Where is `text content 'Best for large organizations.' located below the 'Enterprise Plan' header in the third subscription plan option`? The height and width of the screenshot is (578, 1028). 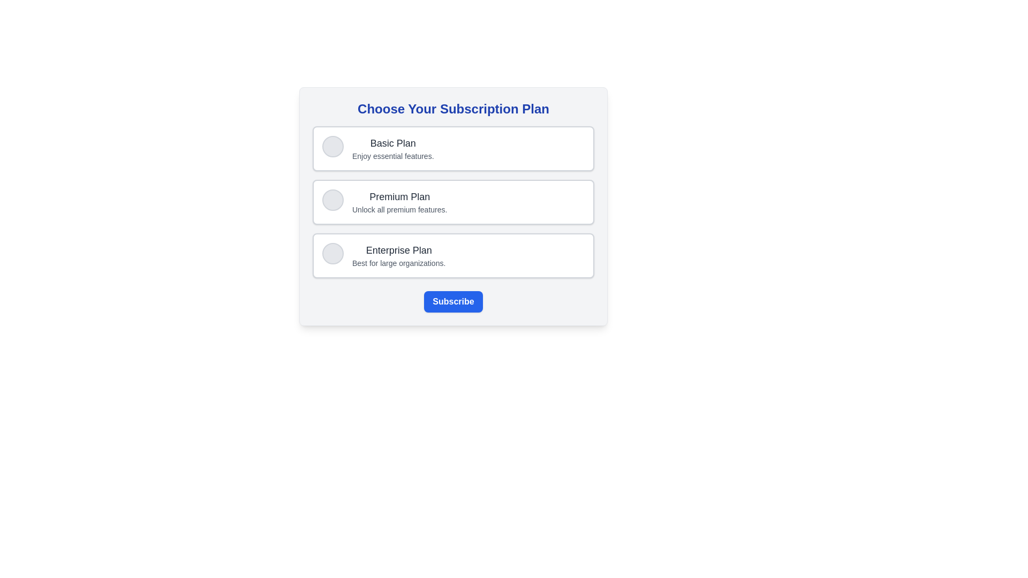
text content 'Best for large organizations.' located below the 'Enterprise Plan' header in the third subscription plan option is located at coordinates (398, 263).